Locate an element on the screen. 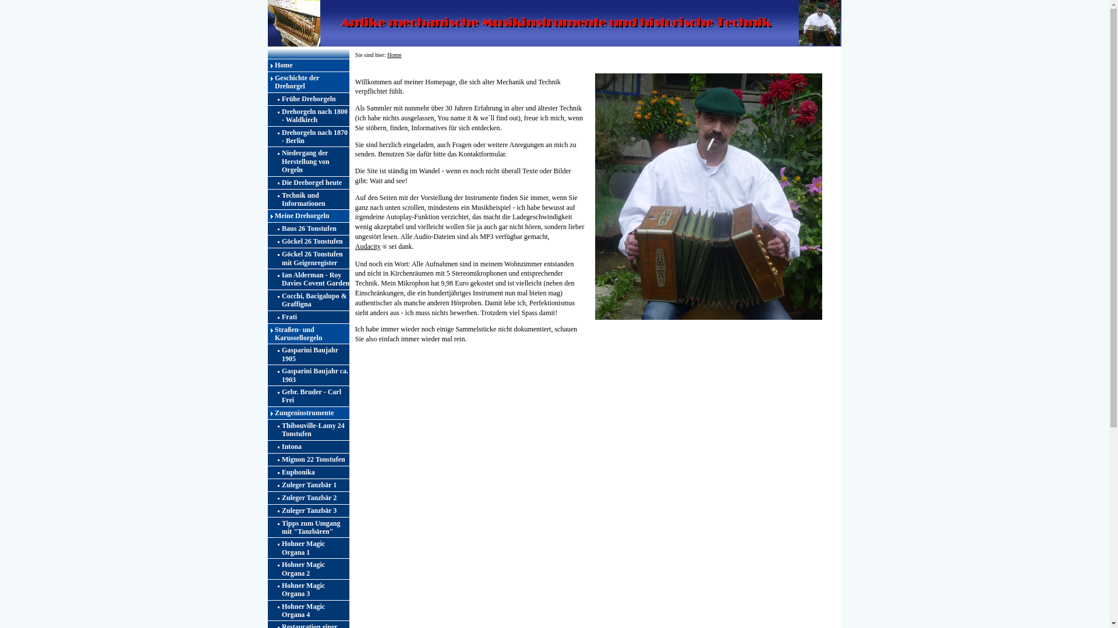 The width and height of the screenshot is (1118, 628). 'Hohner Magic Organa 2' is located at coordinates (267, 568).